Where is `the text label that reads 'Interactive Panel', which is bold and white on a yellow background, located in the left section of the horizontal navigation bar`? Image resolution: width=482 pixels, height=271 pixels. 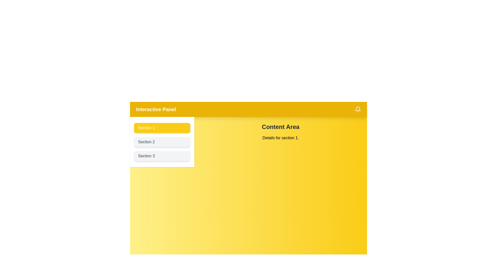 the text label that reads 'Interactive Panel', which is bold and white on a yellow background, located in the left section of the horizontal navigation bar is located at coordinates (156, 109).